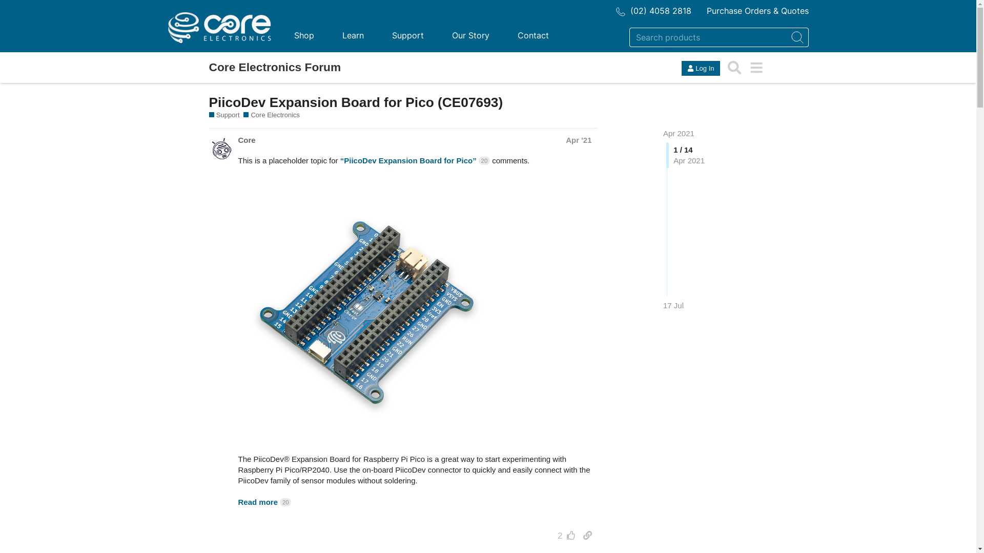 The width and height of the screenshot is (984, 553). Describe the element at coordinates (223, 115) in the screenshot. I see `'Support'` at that location.